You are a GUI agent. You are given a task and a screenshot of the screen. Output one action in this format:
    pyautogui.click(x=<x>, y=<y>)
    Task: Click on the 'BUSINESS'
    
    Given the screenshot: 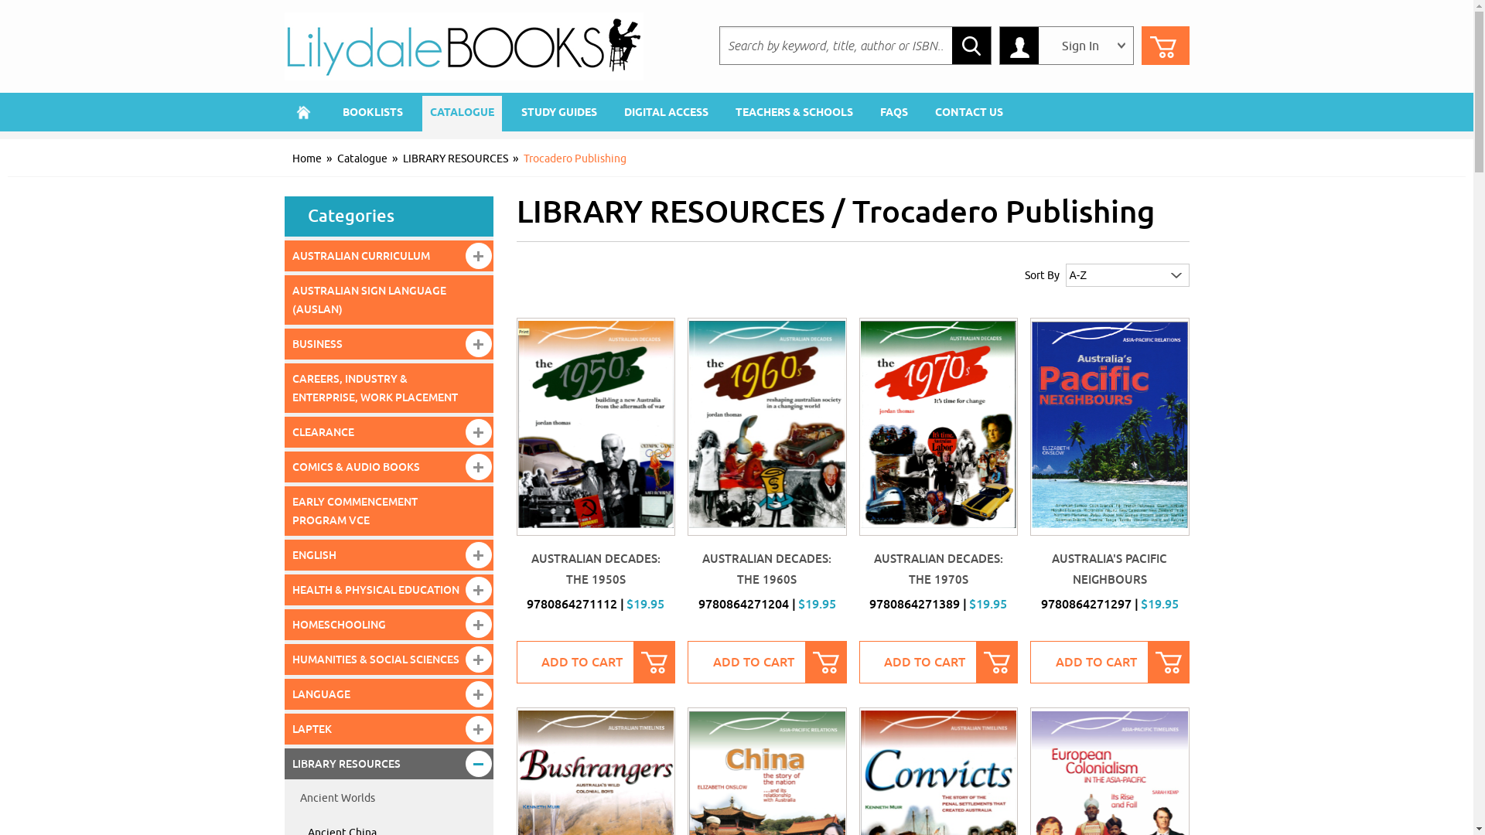 What is the action you would take?
    pyautogui.click(x=285, y=343)
    